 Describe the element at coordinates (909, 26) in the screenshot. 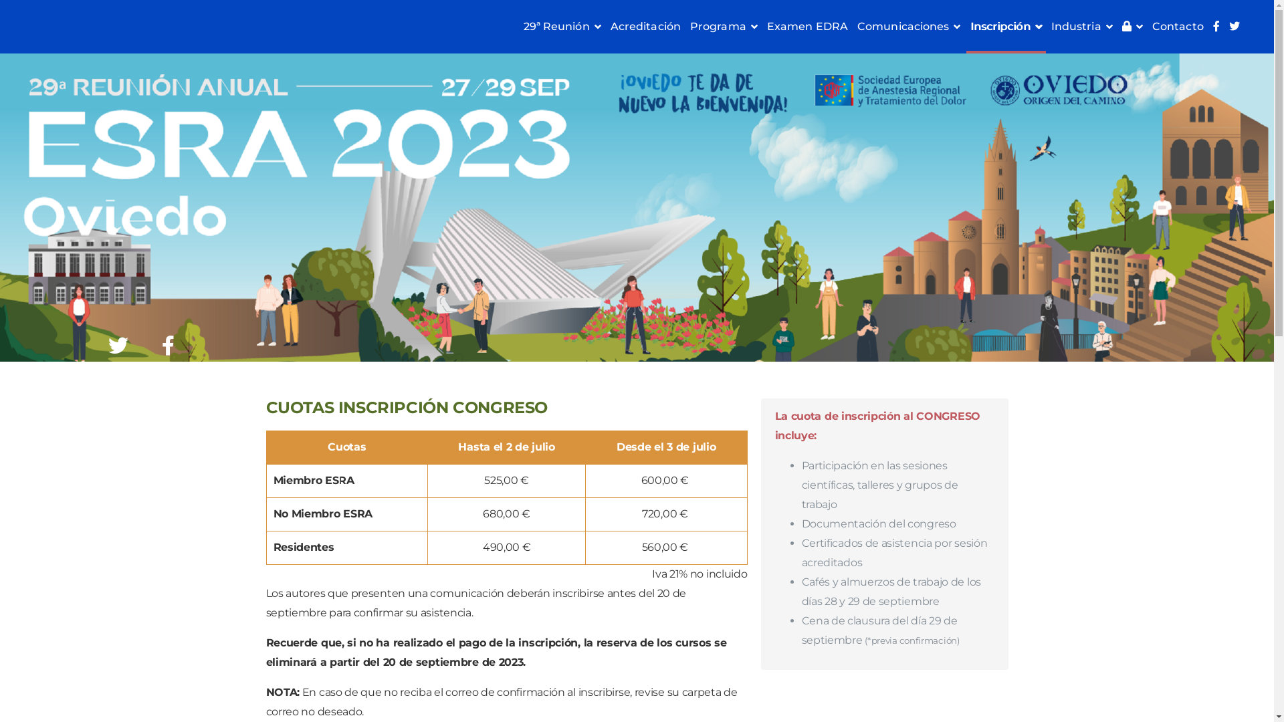

I see `'Comunicaciones'` at that location.